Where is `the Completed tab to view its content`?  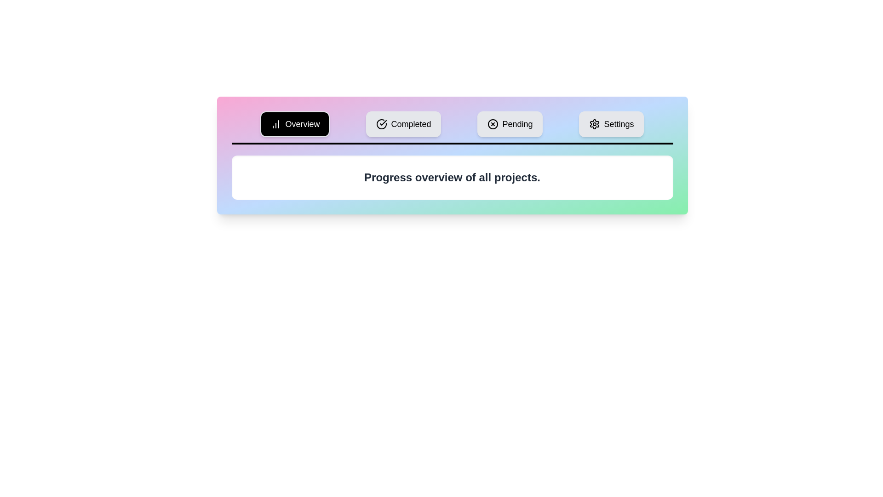 the Completed tab to view its content is located at coordinates (404, 124).